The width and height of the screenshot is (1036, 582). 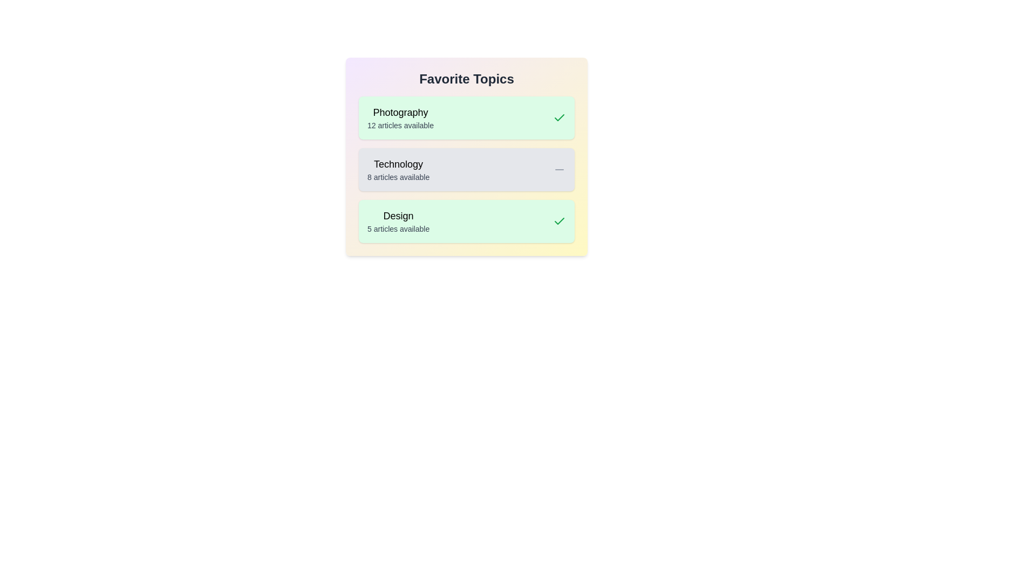 What do you see at coordinates (466, 170) in the screenshot?
I see `the topic card for Technology` at bounding box center [466, 170].